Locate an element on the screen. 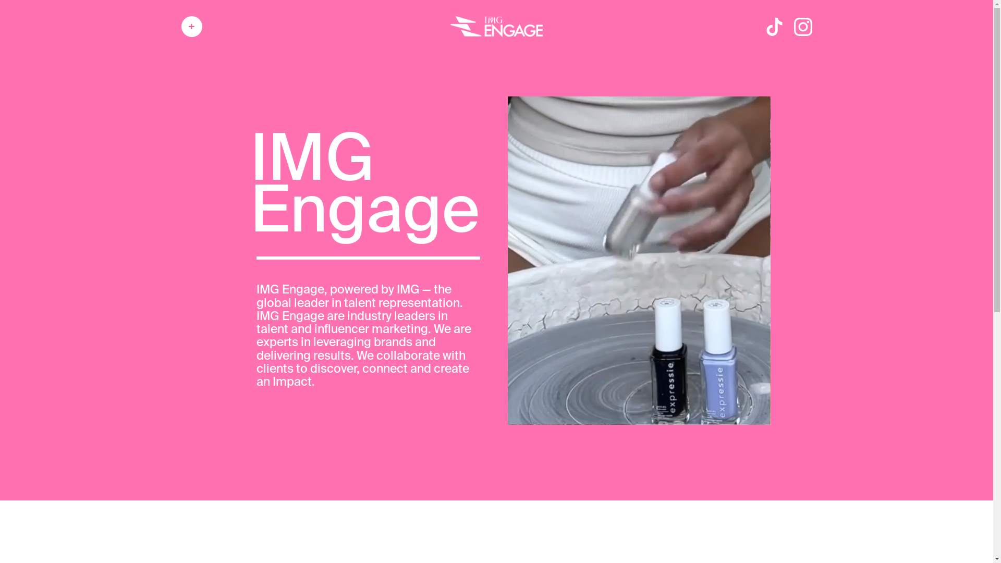 This screenshot has height=563, width=1001. '+' is located at coordinates (192, 26).